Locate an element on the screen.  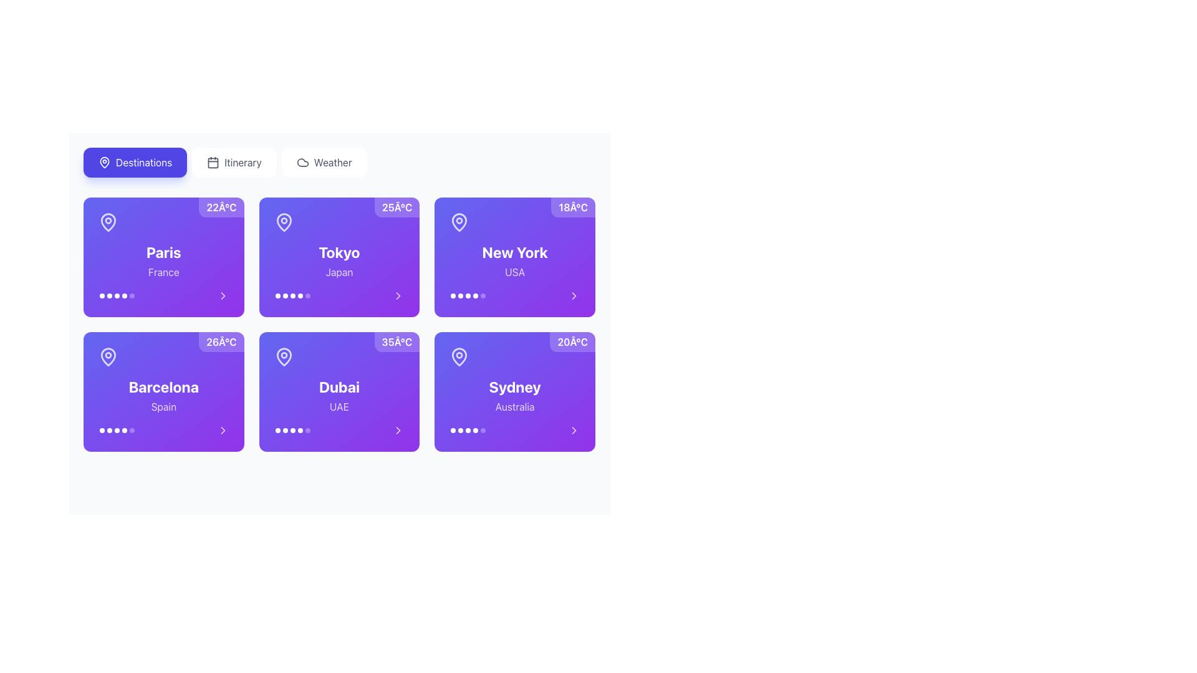
the text label displaying 'Japan' which is styled with a semi-transparent white color on a gradient purple background, located in the lower portion of the 'Tokyo' card in the grid layout is located at coordinates (339, 271).